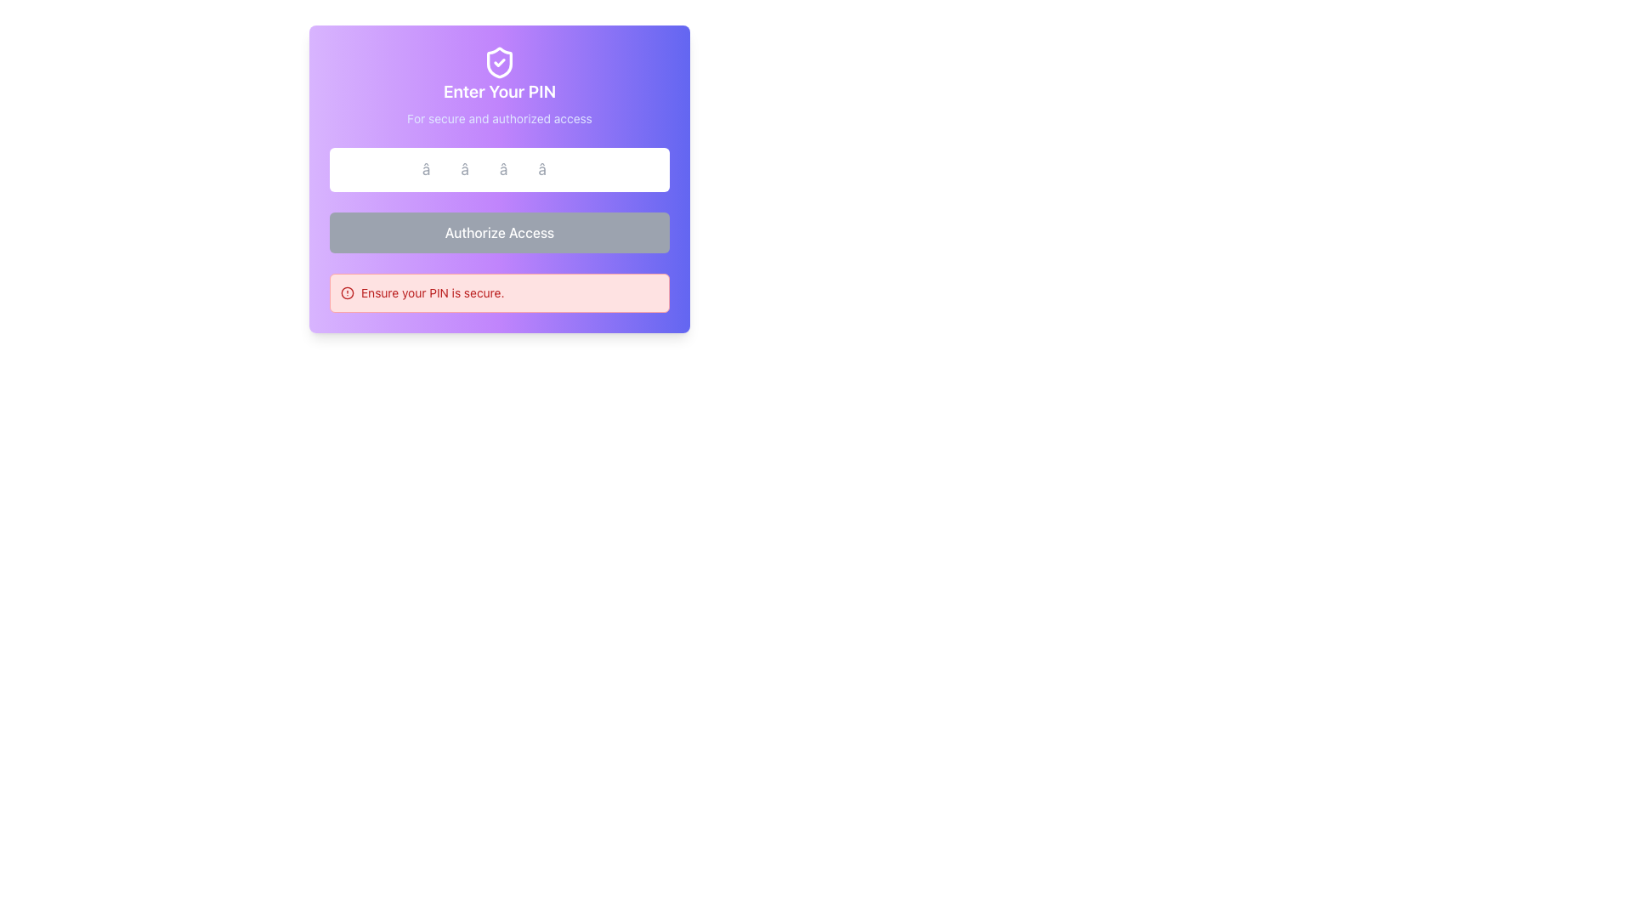 The width and height of the screenshot is (1632, 918). What do you see at coordinates (346, 292) in the screenshot?
I see `the circular SVG shape that is part of the warning icon located to the left of the text 'Ensure your PIN is secure.'` at bounding box center [346, 292].